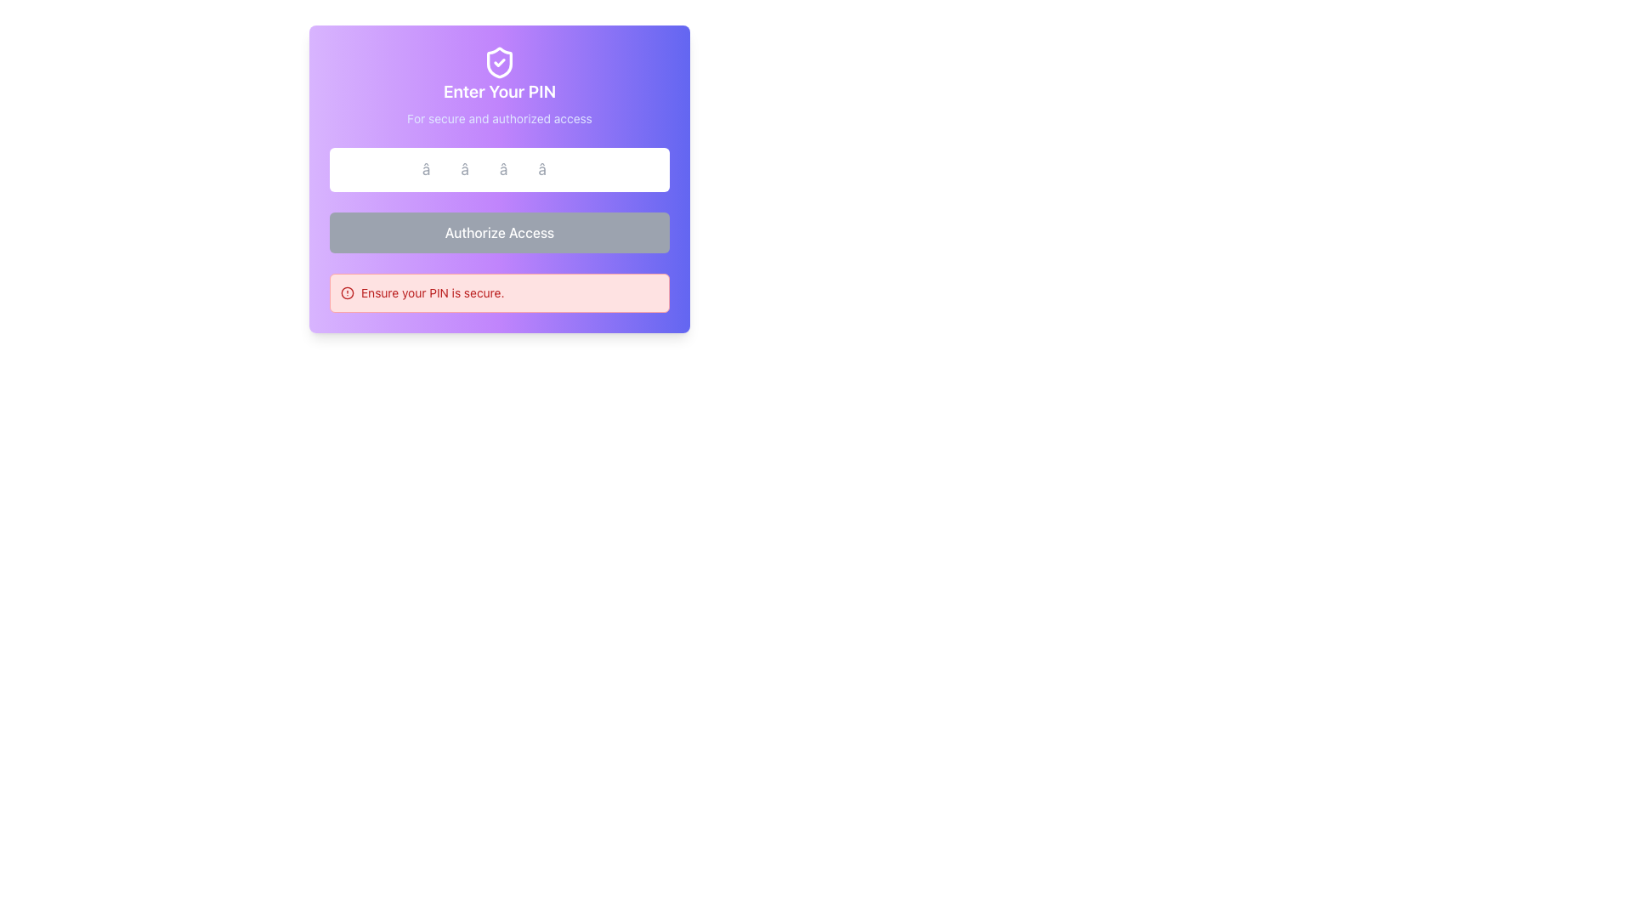 The width and height of the screenshot is (1632, 918). What do you see at coordinates (346, 292) in the screenshot?
I see `the circular SVG shape that is part of the warning icon located to the left of the text 'Ensure your PIN is secure.'` at bounding box center [346, 292].